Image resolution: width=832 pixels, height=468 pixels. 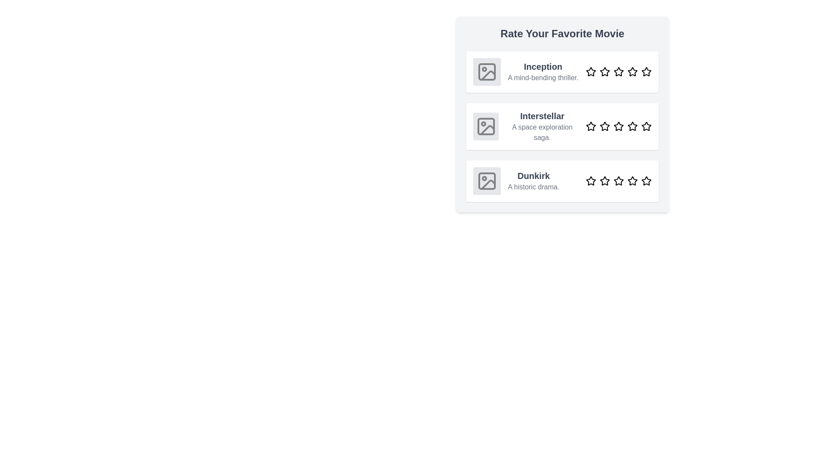 What do you see at coordinates (632, 180) in the screenshot?
I see `the fourth star icon in the star rating section for the movie 'Dunkirk'` at bounding box center [632, 180].